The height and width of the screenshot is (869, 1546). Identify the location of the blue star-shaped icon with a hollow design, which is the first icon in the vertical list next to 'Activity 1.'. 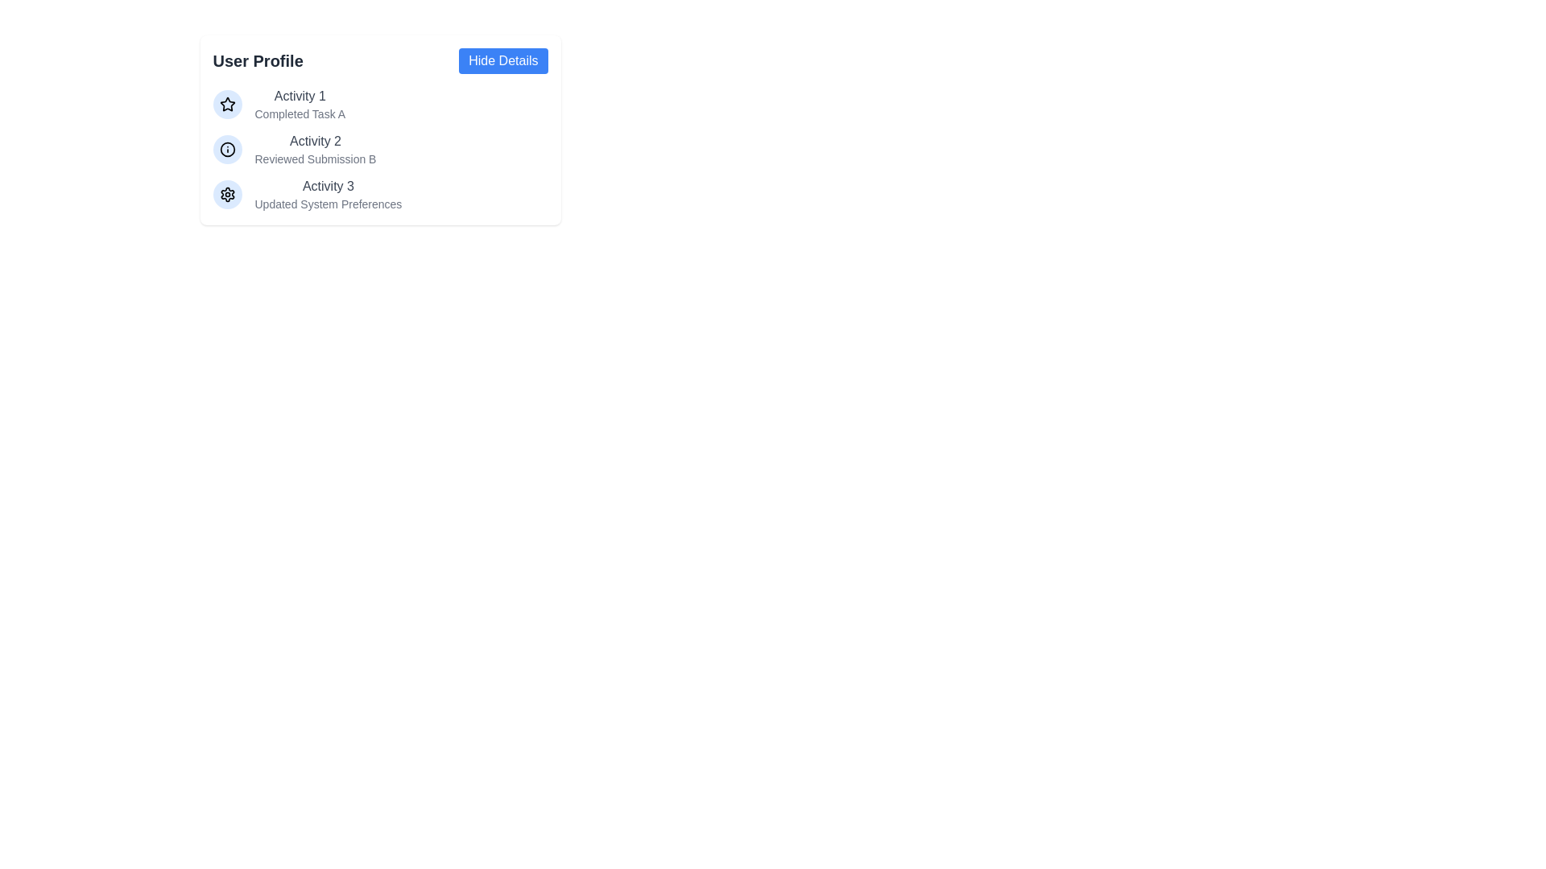
(226, 105).